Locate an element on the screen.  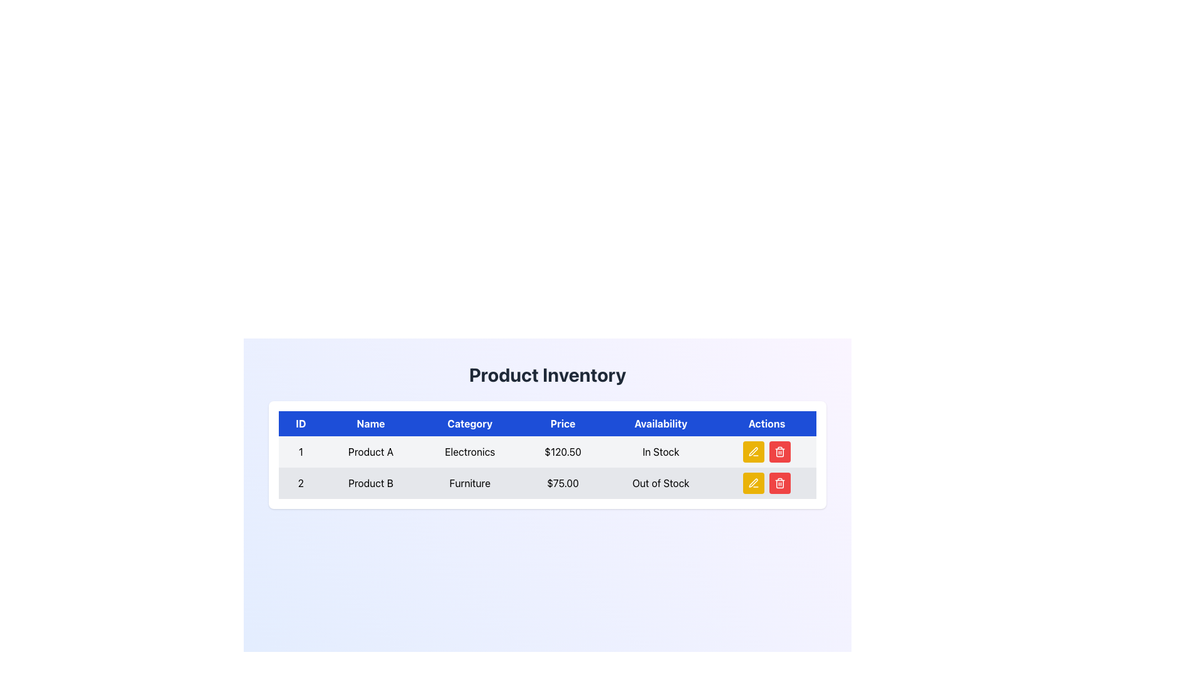
the Table Header Cell labeled 'Price', which is styled with a blue background and white text, located in the fourth column of the table header is located at coordinates (547, 423).